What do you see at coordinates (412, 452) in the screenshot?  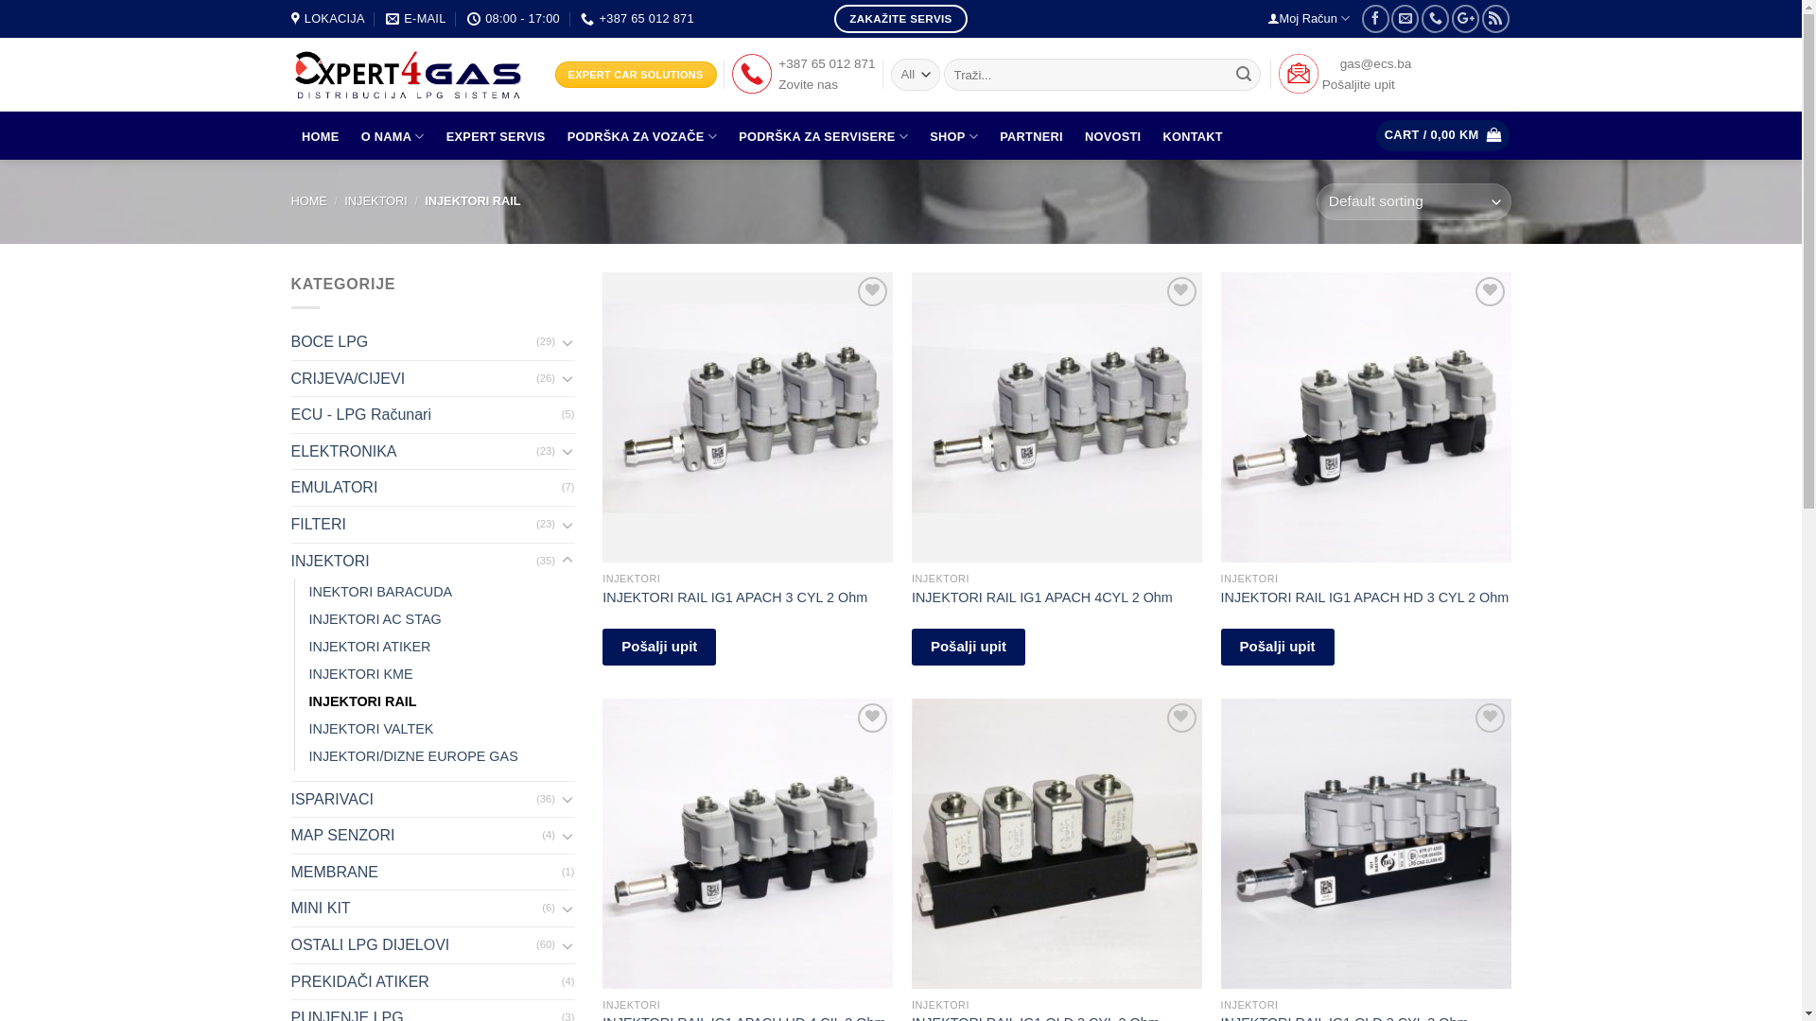 I see `'ELEKTRONIKA'` at bounding box center [412, 452].